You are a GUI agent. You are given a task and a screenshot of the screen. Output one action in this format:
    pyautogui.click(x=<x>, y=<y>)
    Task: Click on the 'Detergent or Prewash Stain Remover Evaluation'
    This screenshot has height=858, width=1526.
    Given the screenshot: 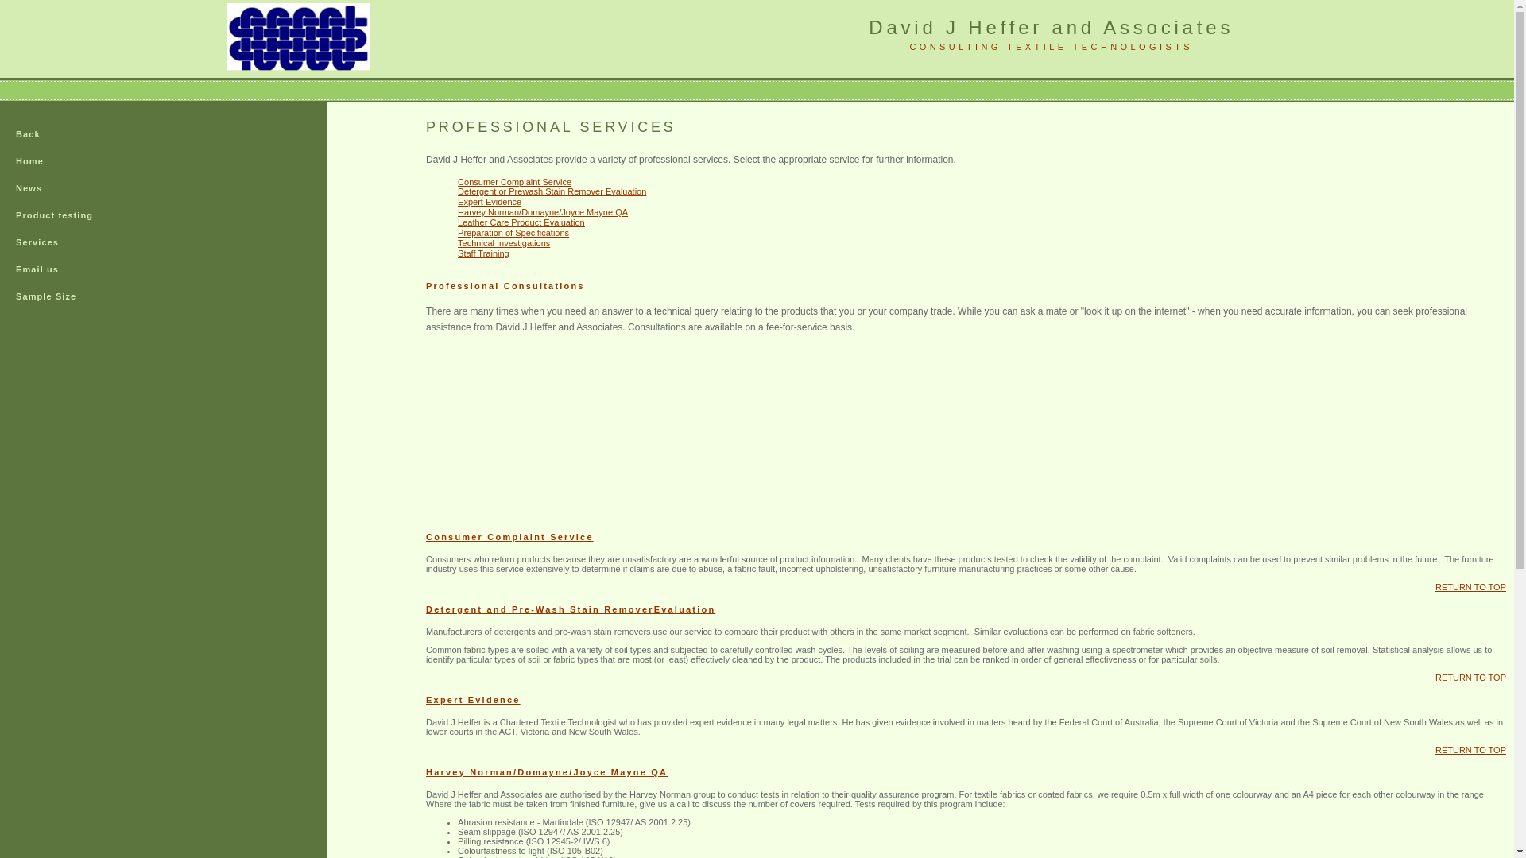 What is the action you would take?
    pyautogui.click(x=552, y=190)
    